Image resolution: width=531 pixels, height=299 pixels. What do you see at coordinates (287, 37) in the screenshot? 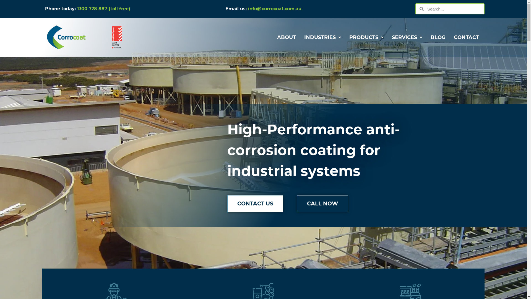
I see `'ABOUT'` at bounding box center [287, 37].